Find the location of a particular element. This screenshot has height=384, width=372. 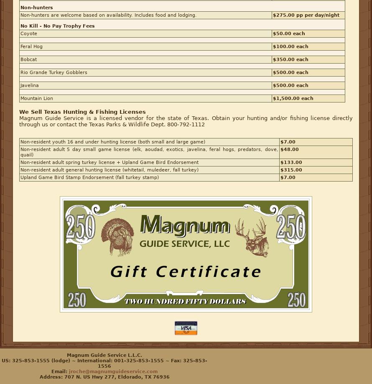

'$1,500.00 each' is located at coordinates (293, 98).